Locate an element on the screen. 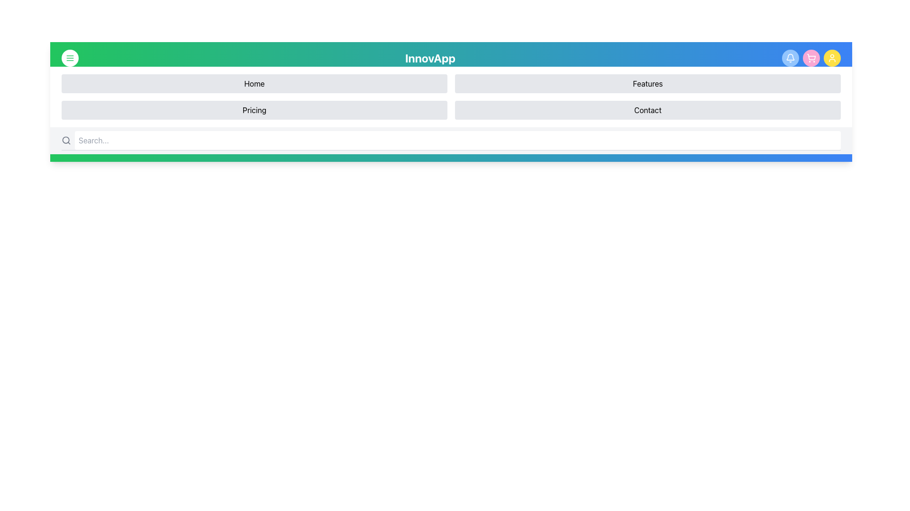 The width and height of the screenshot is (910, 511). the 'Contact' navigation button, which is the fourth button in the grid layout, located in the second row, right column is located at coordinates (647, 109).